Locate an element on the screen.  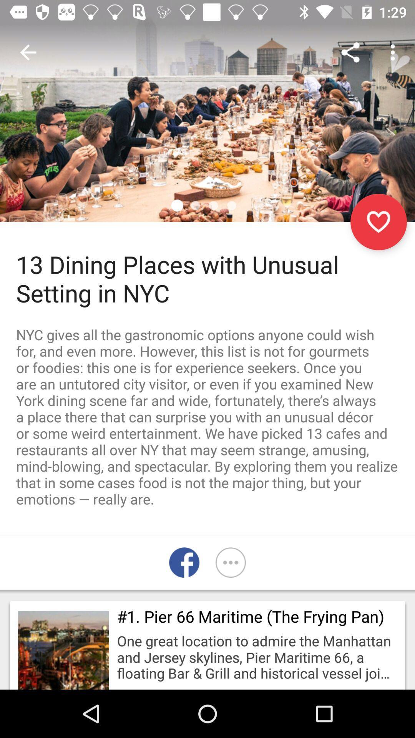
the favorite icon is located at coordinates (378, 221).